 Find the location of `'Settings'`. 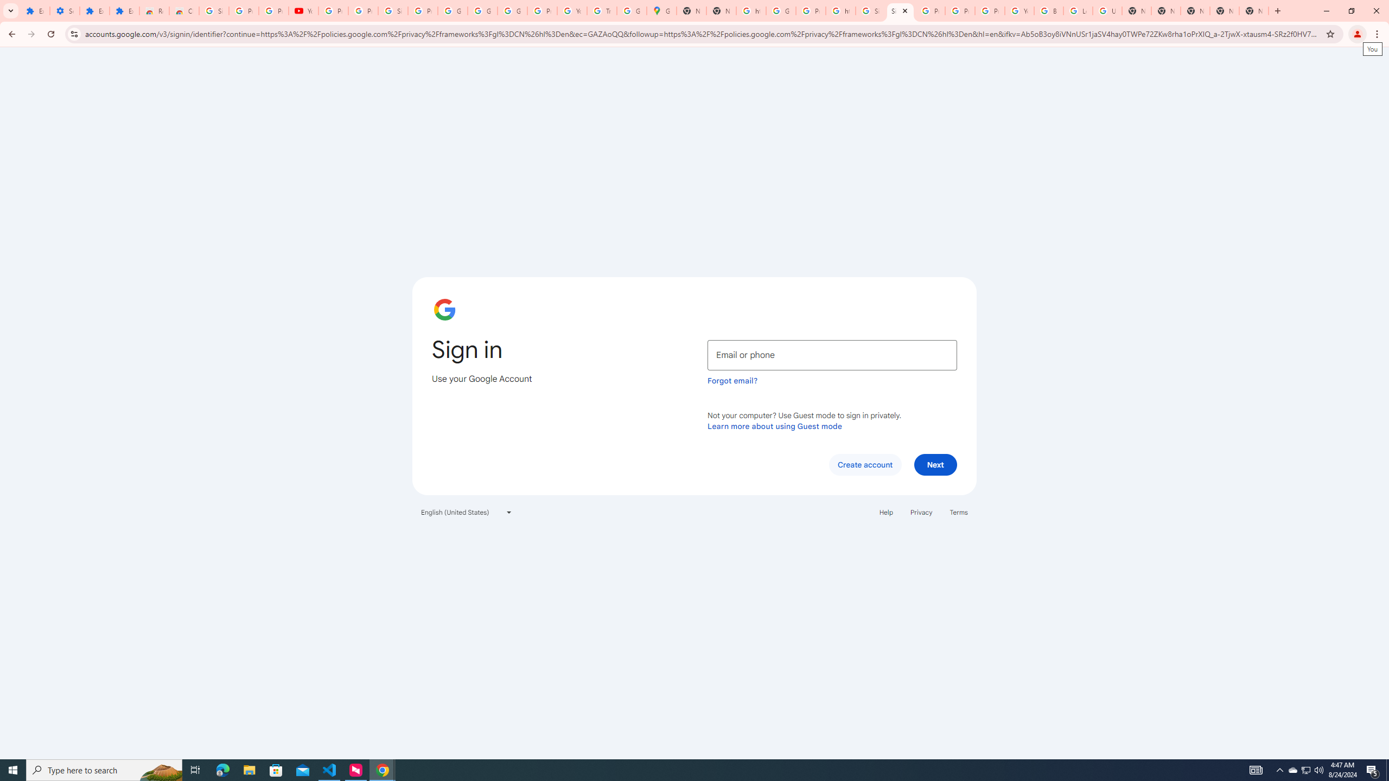

'Settings' is located at coordinates (64, 10).